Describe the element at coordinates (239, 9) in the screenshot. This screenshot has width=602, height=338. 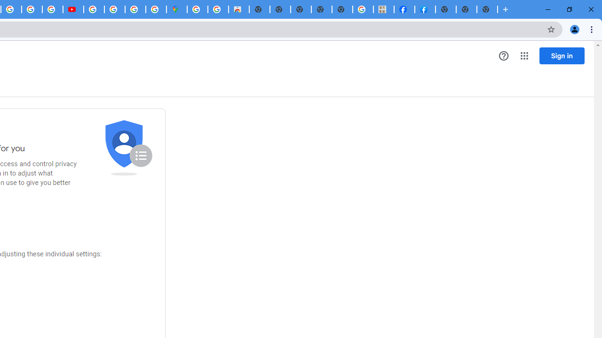
I see `'Chrome Web Store - Shopping'` at that location.